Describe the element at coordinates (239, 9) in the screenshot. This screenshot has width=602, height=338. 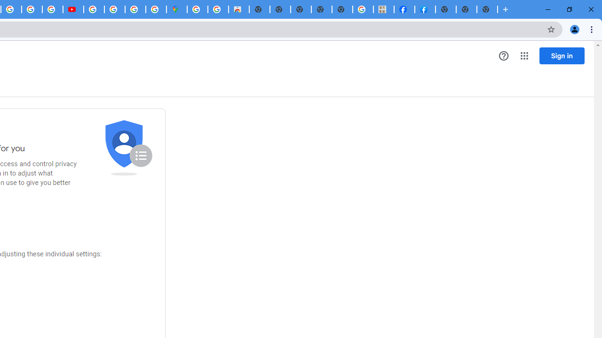
I see `'Chrome Web Store - Shopping'` at that location.